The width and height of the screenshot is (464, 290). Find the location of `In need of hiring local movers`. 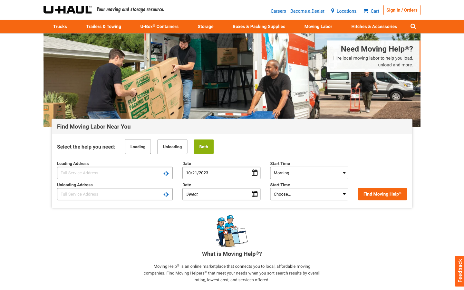

In need of hiring local movers is located at coordinates (362, 59).